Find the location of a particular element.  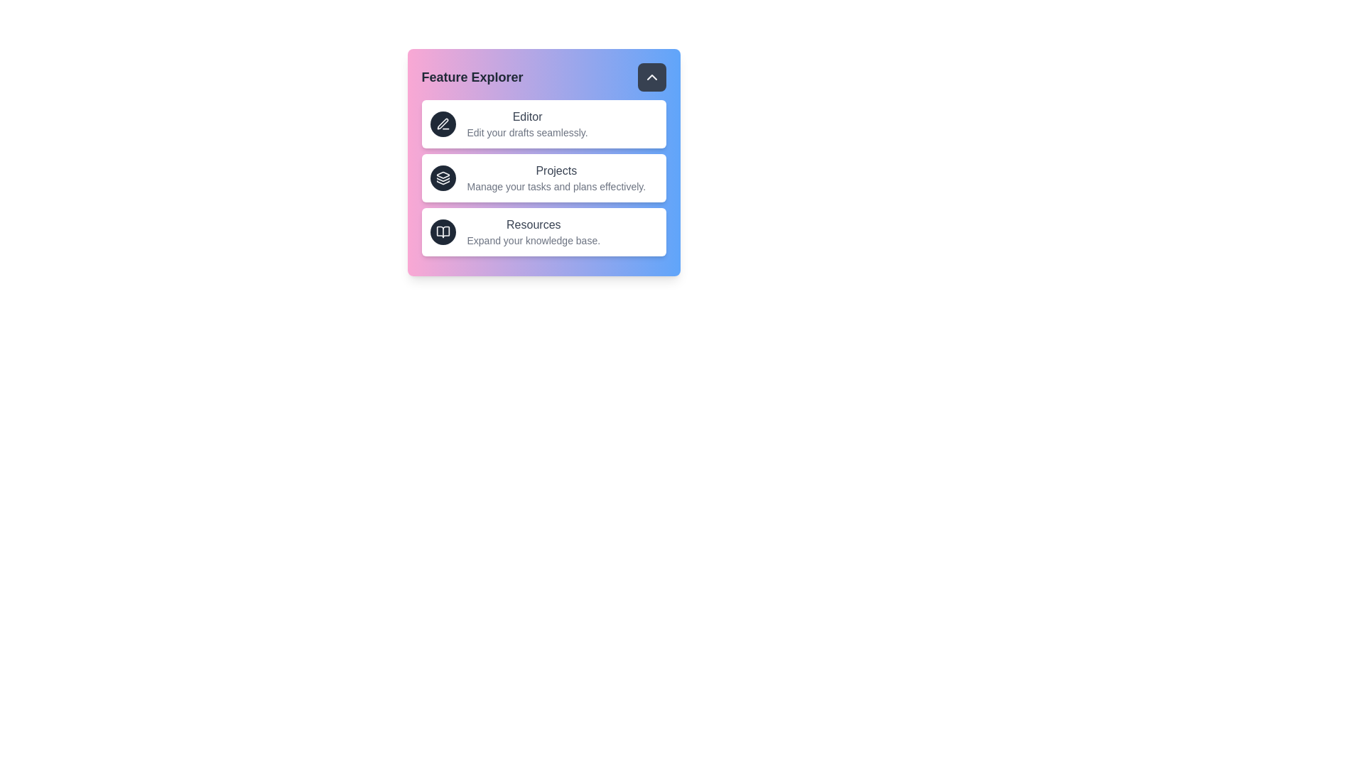

the menu item to read its description is located at coordinates (542, 123).